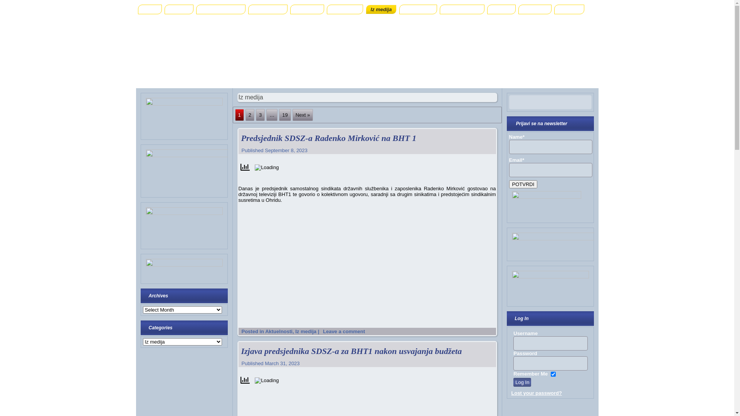 Image resolution: width=740 pixels, height=416 pixels. What do you see at coordinates (260, 115) in the screenshot?
I see `'3'` at bounding box center [260, 115].